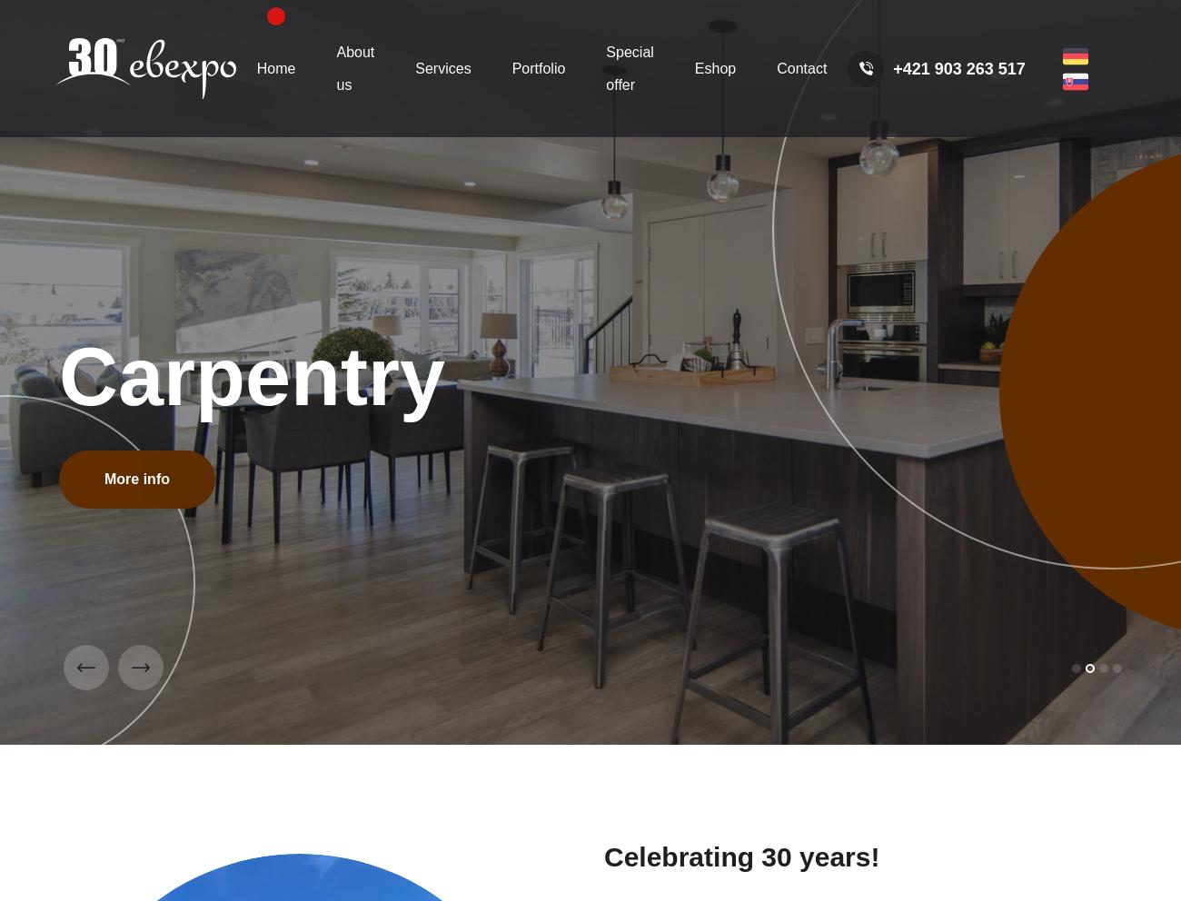 The image size is (1181, 901). I want to click on '+421 903 263 517', so click(892, 67).